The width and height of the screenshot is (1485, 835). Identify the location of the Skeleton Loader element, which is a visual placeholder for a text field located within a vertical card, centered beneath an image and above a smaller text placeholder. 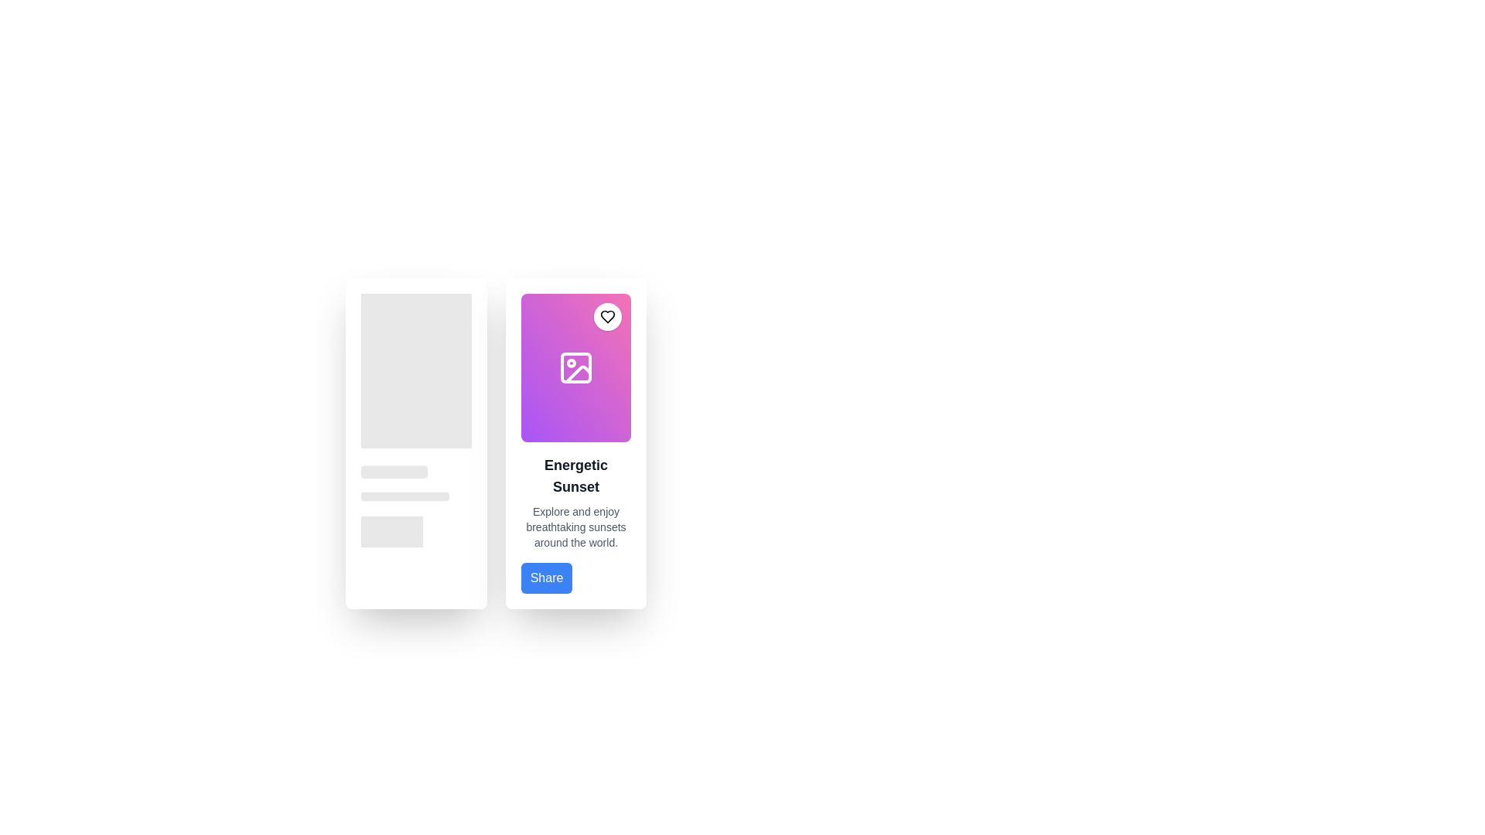
(394, 471).